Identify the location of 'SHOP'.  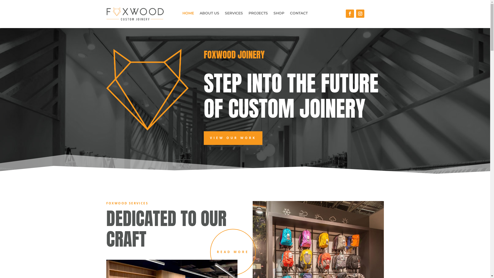
(279, 14).